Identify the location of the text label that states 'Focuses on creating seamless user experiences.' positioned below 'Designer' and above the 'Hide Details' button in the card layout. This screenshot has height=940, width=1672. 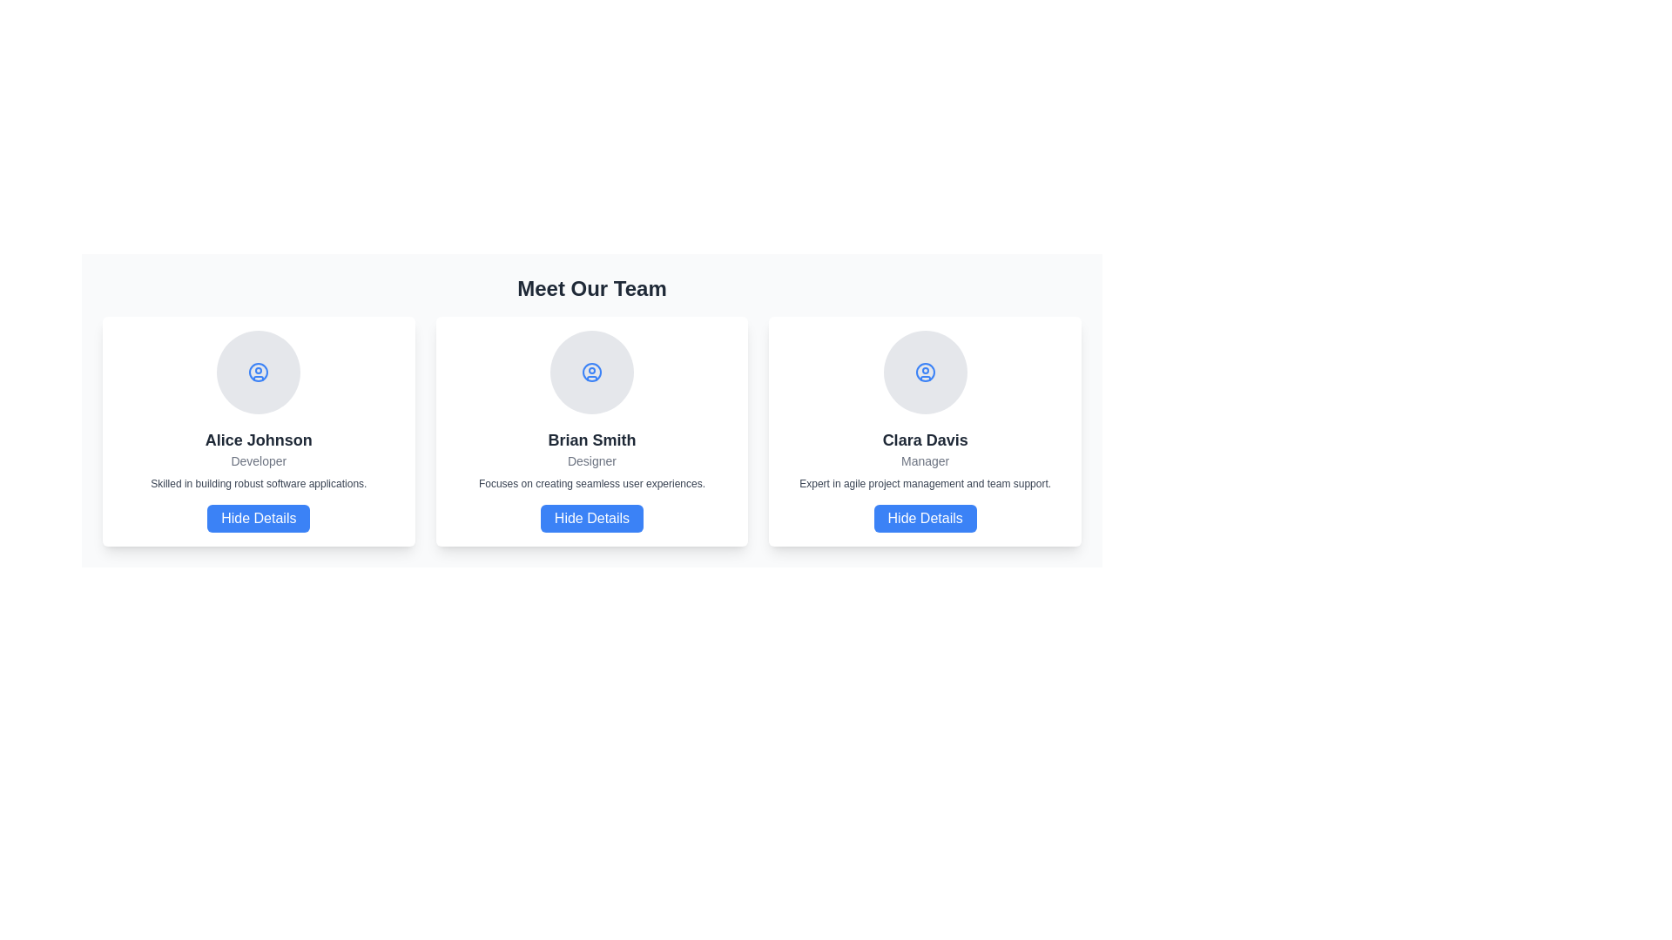
(592, 483).